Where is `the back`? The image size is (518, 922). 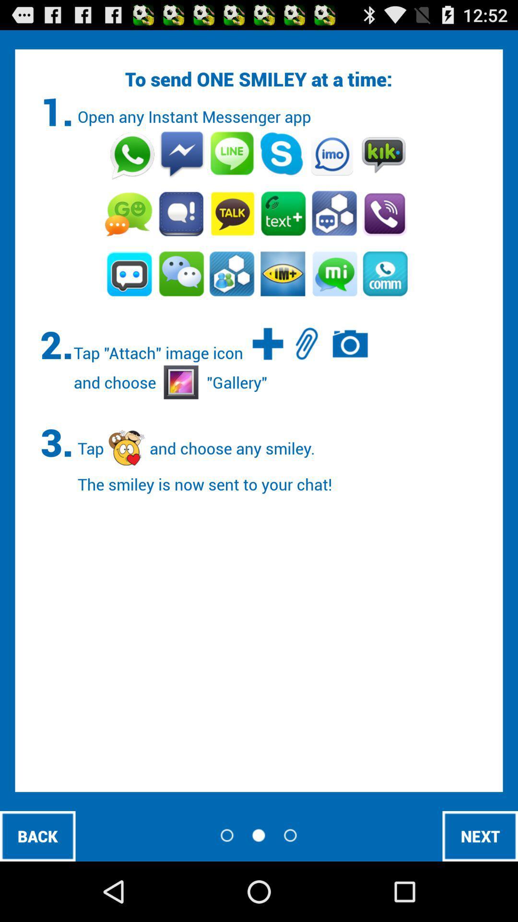 the back is located at coordinates (37, 836).